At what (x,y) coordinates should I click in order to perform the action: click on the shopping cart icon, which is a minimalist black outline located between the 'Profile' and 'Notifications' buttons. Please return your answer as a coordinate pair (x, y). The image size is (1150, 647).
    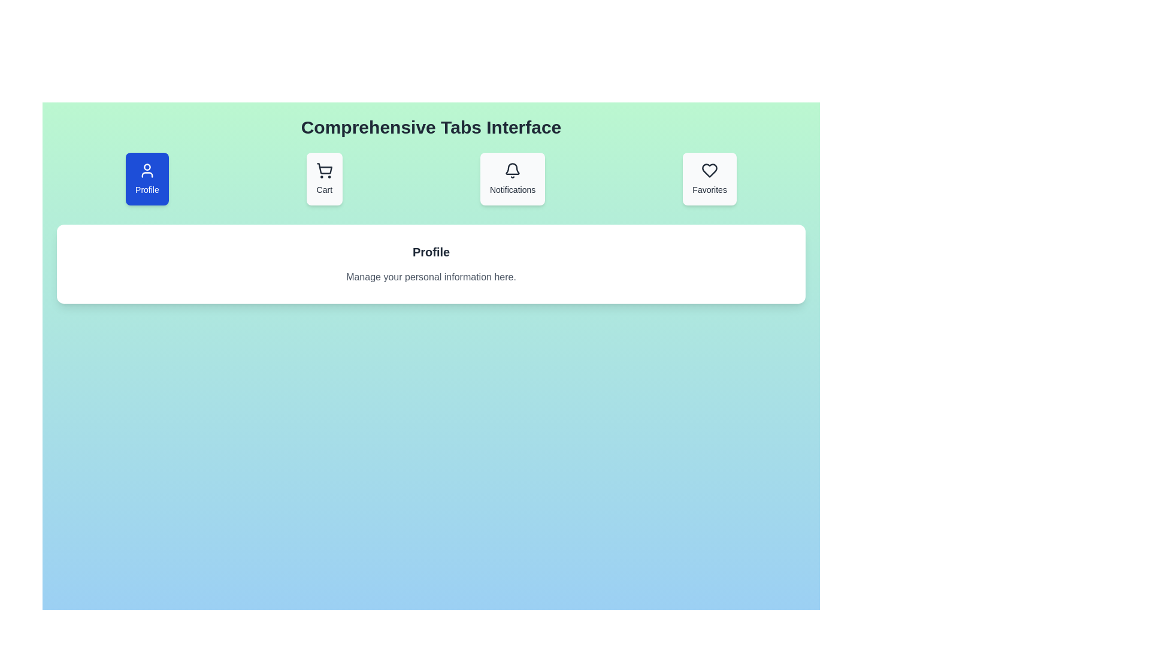
    Looking at the image, I should click on (324, 171).